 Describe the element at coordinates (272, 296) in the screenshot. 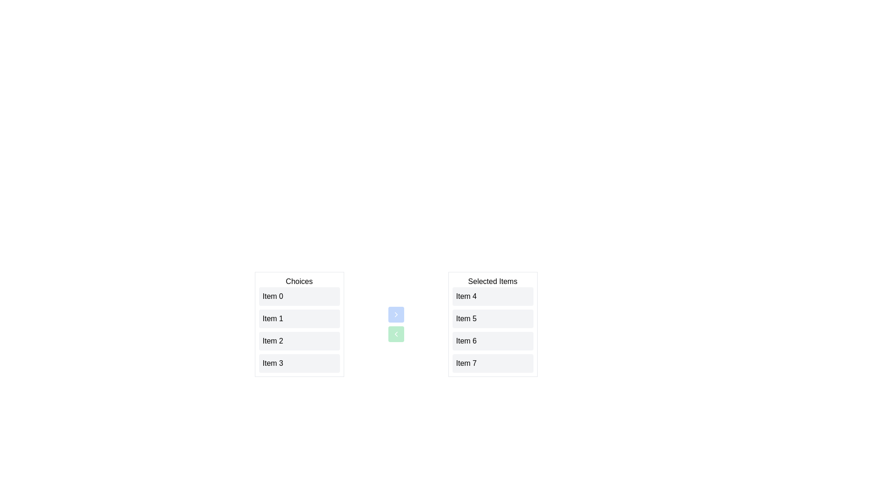

I see `the text label displaying 'Item 0', which is the top selectable item in the 'Choices' column` at that location.